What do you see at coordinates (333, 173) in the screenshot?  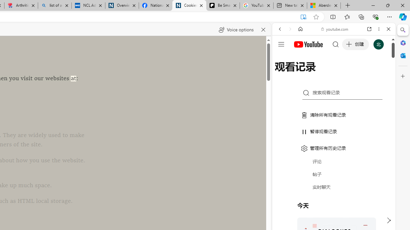 I see `'Music'` at bounding box center [333, 173].